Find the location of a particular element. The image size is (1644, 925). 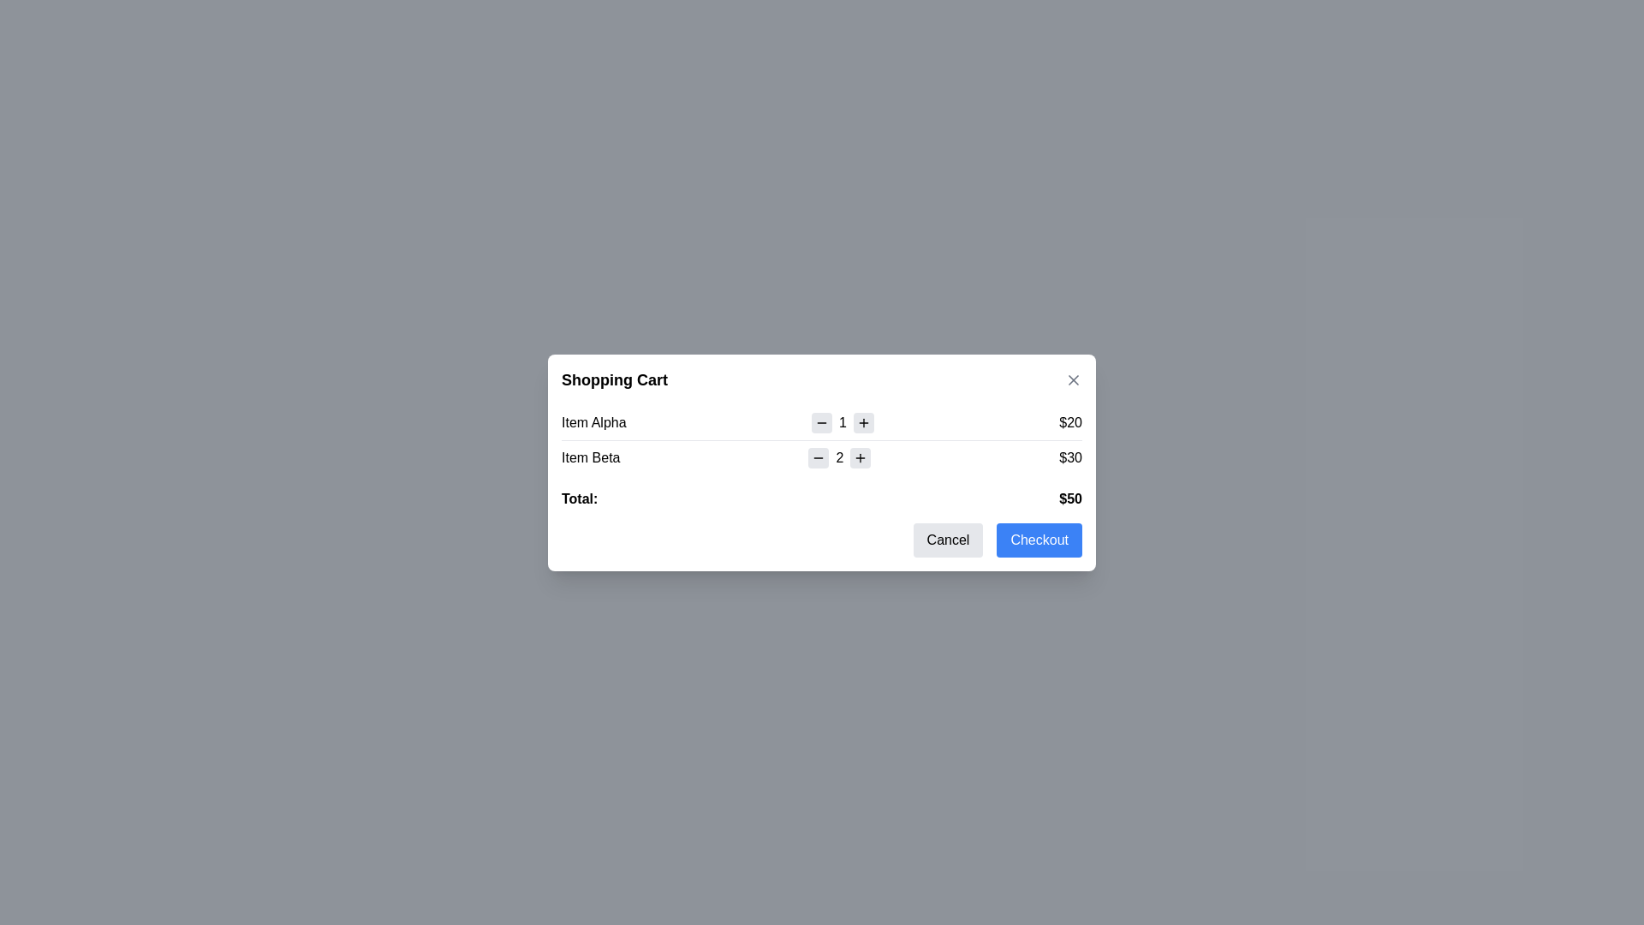

the static text indicator displaying the value '1' in black text, located centrally in the quantity adjustment field for 'Item Alpha' in the shopping cart interface is located at coordinates (843, 422).